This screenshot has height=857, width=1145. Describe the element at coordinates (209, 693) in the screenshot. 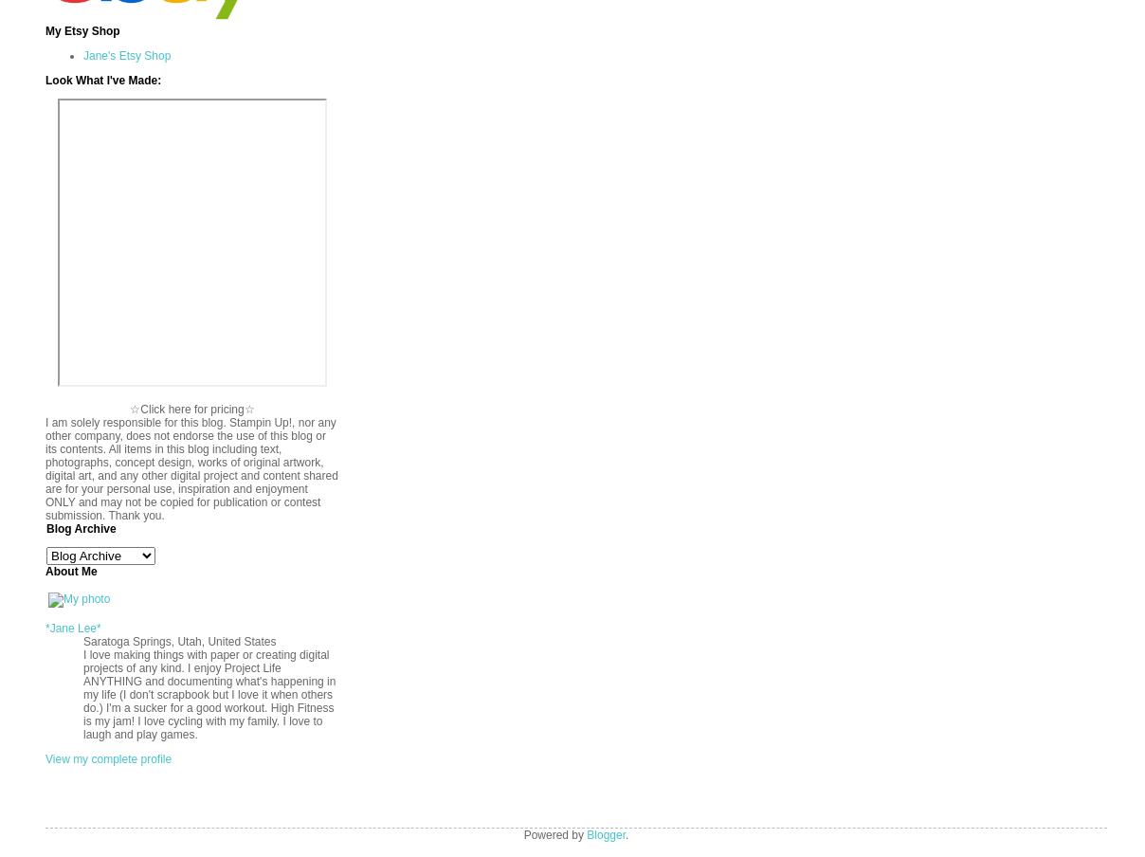

I see `'I love making things with paper or creating digital projects of any kind.  I enjoy Project Life ANYTHING and documenting what's happening in my life (I don't scrapbook but I love it when others do.)  I'm a sucker for a good workout.  High Fitness is my jam!  I love cycling with my family.  I love to laugh and play games.'` at that location.